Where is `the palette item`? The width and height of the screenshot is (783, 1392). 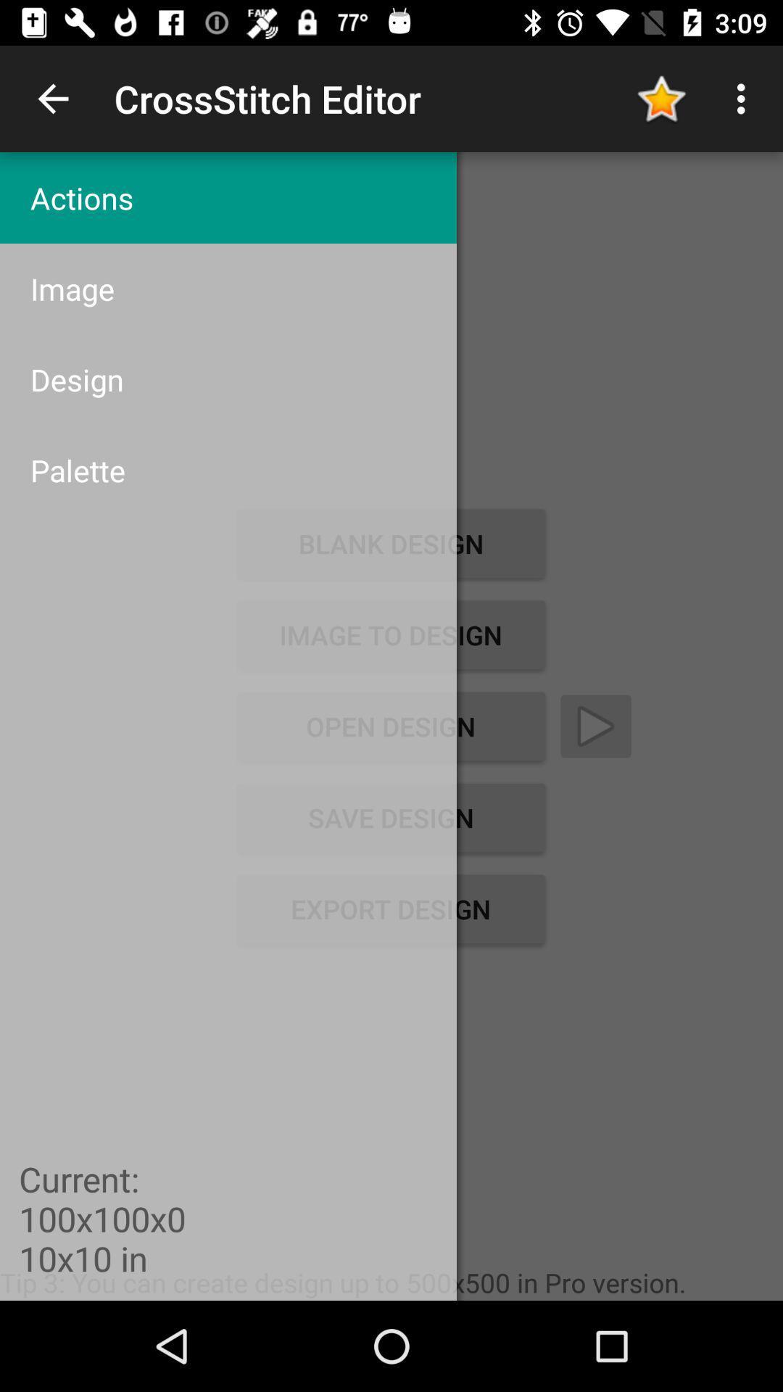 the palette item is located at coordinates (228, 470).